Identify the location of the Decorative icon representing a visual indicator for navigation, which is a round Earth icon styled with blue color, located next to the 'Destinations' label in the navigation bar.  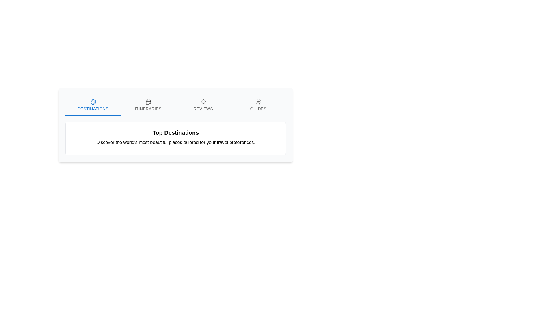
(93, 102).